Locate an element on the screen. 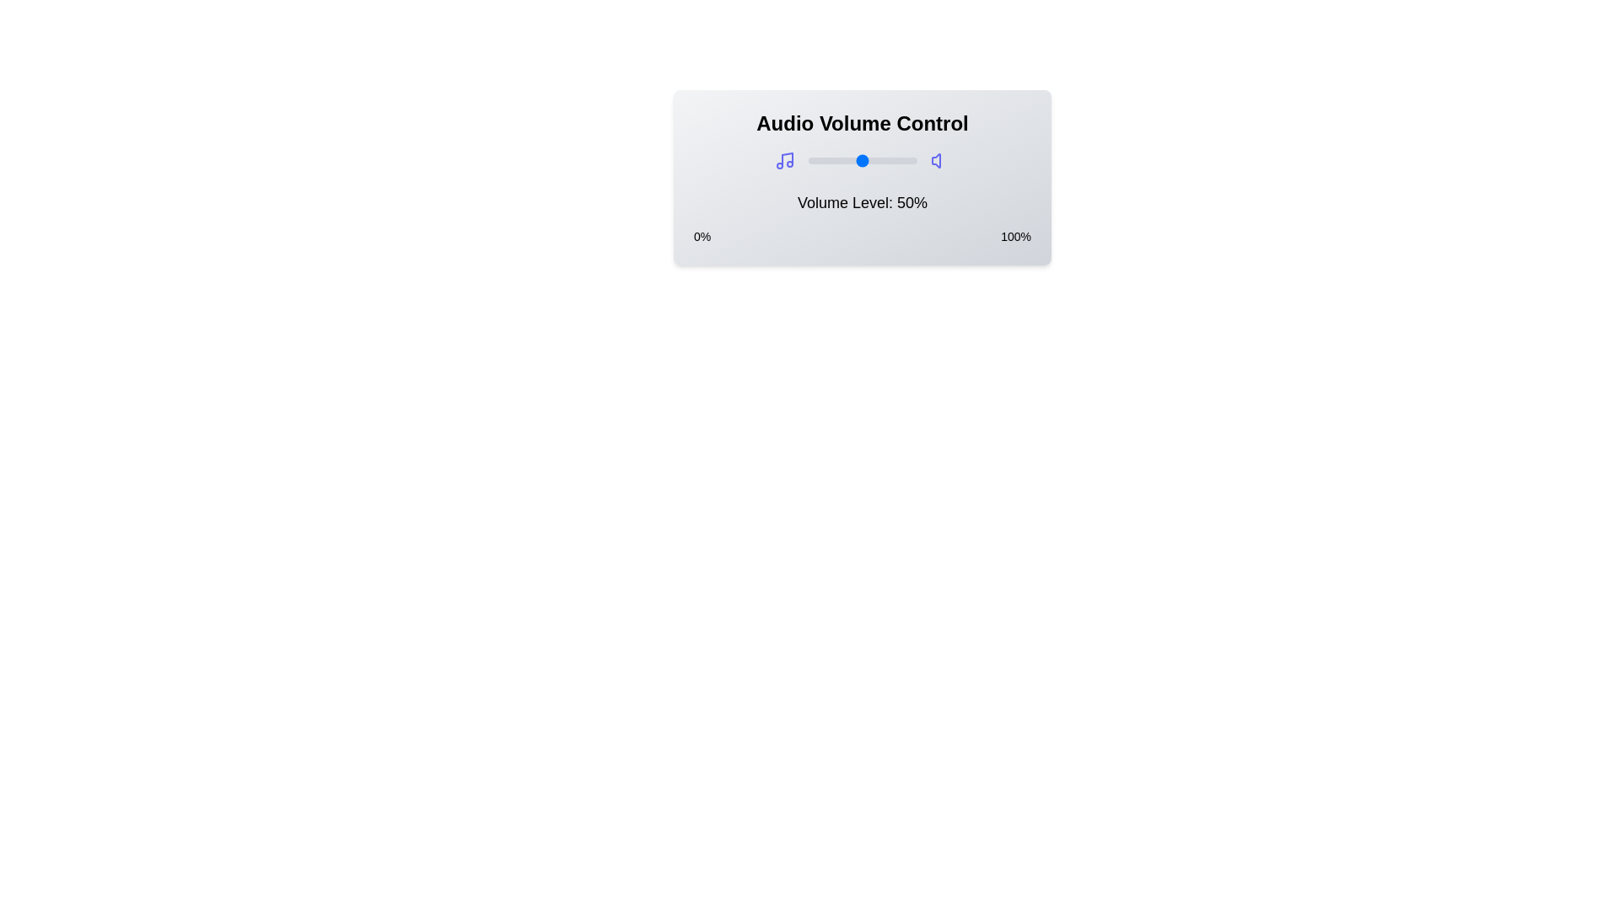 This screenshot has width=1619, height=910. the volume to 89% by dragging the slider is located at coordinates (904, 161).